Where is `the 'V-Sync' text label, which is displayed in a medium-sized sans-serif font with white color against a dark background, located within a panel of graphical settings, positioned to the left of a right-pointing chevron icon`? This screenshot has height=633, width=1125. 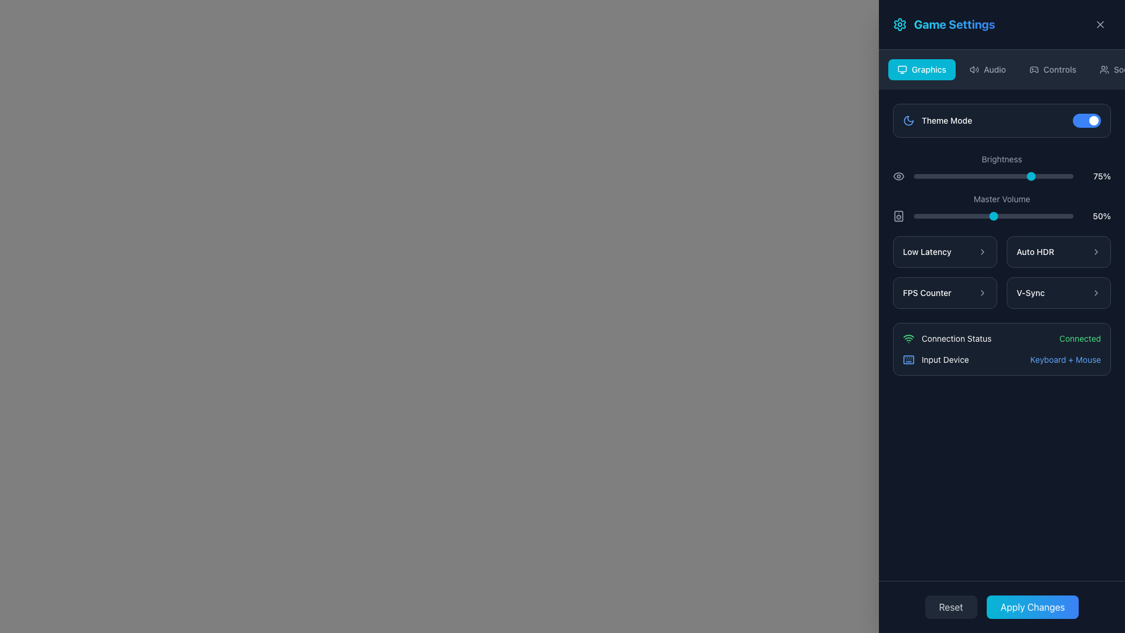
the 'V-Sync' text label, which is displayed in a medium-sized sans-serif font with white color against a dark background, located within a panel of graphical settings, positioned to the left of a right-pointing chevron icon is located at coordinates (1030, 292).